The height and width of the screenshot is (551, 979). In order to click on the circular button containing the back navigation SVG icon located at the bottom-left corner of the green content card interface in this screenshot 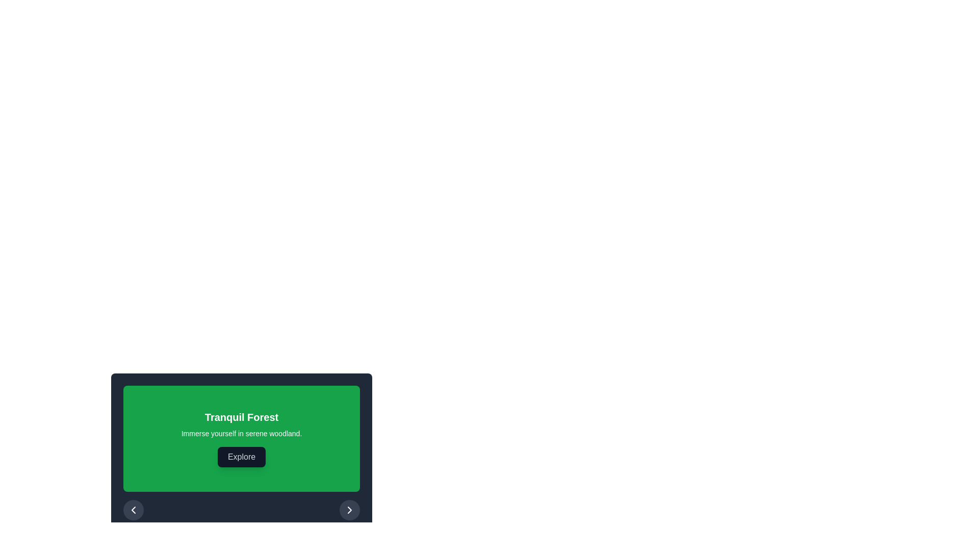, I will do `click(133, 510)`.